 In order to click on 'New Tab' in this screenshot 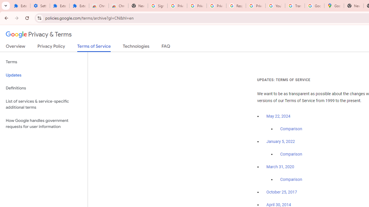, I will do `click(353, 6)`.